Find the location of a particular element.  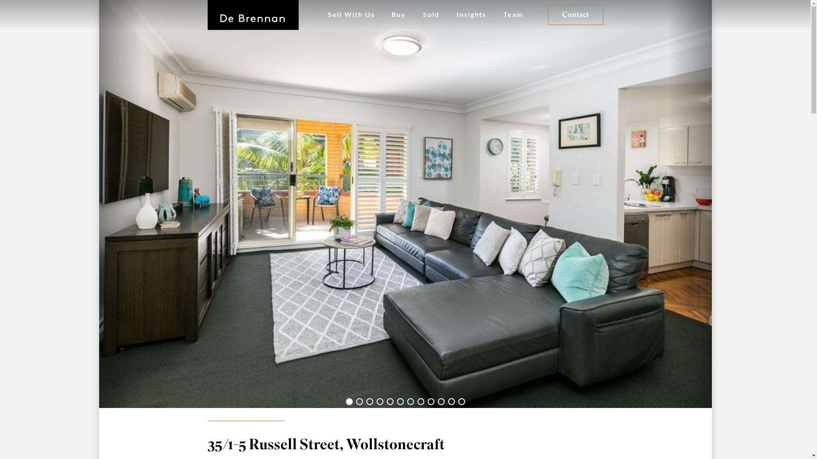

'4' is located at coordinates (379, 402).